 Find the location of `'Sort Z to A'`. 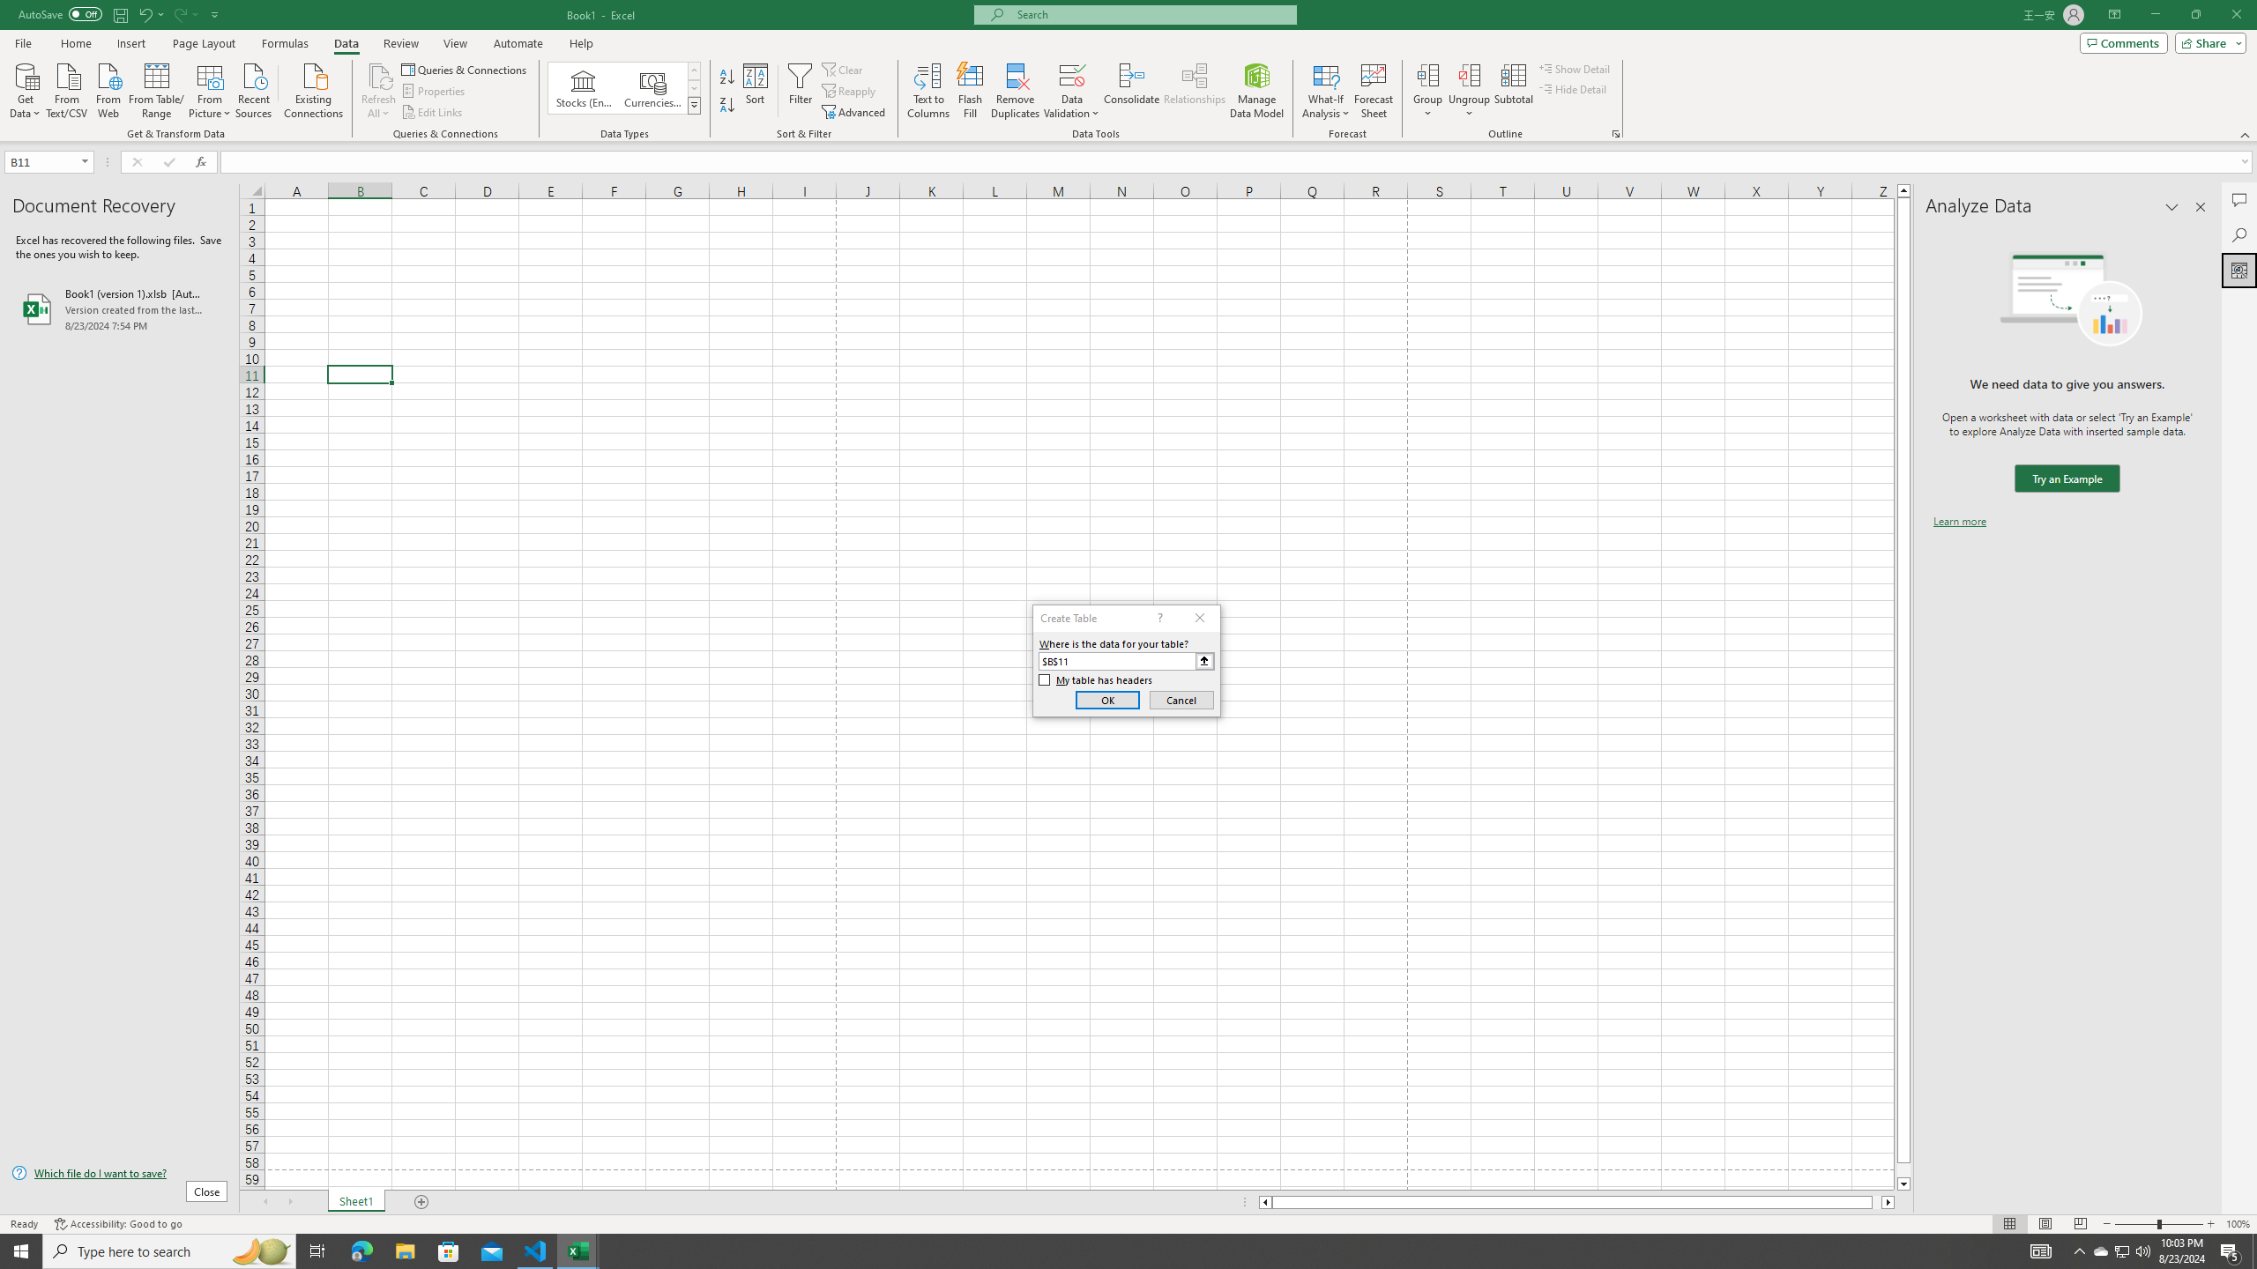

'Sort Z to A' is located at coordinates (726, 104).